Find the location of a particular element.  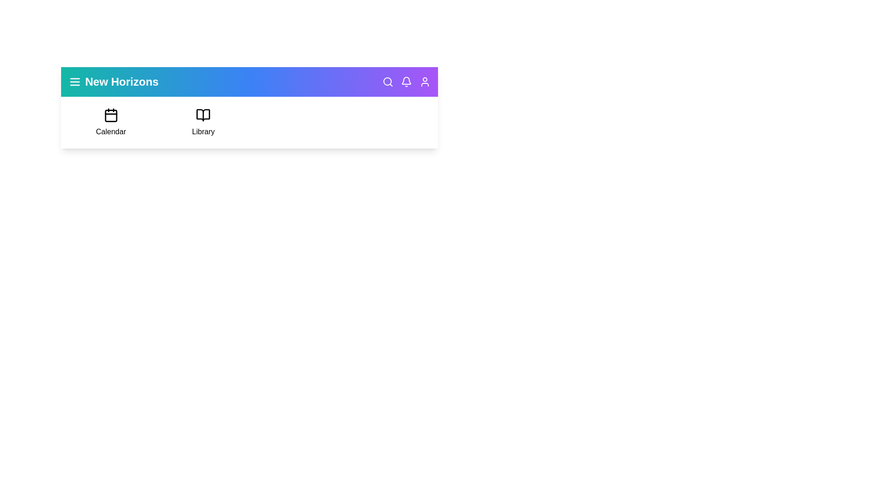

the 'Library' option in the menu is located at coordinates (202, 122).